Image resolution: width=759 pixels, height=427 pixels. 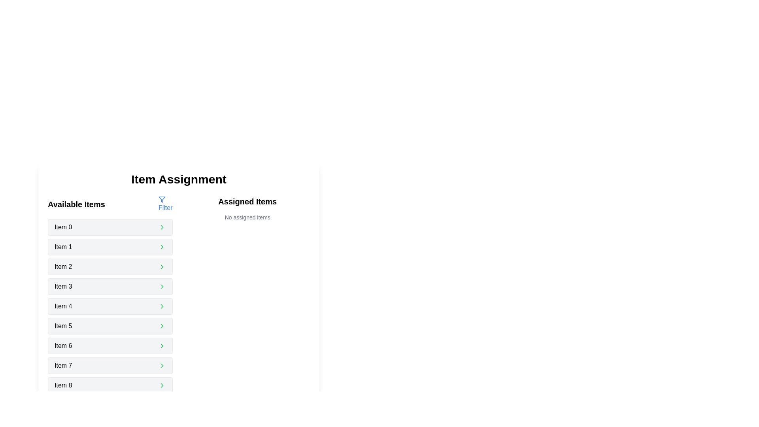 What do you see at coordinates (63, 246) in the screenshot?
I see `the static text label that identifies the second item in the list of selectable items, positioned under the 'Available Items' heading, with a light gray background and rounded edges` at bounding box center [63, 246].